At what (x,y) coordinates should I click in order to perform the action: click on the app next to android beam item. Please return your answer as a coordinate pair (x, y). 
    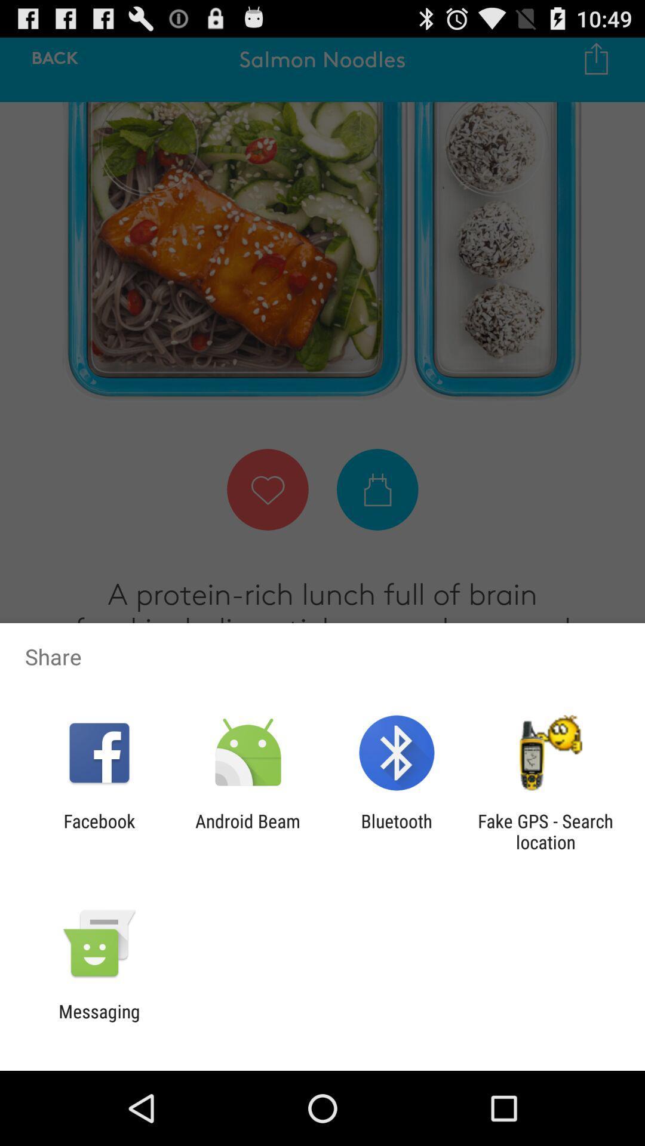
    Looking at the image, I should click on (99, 831).